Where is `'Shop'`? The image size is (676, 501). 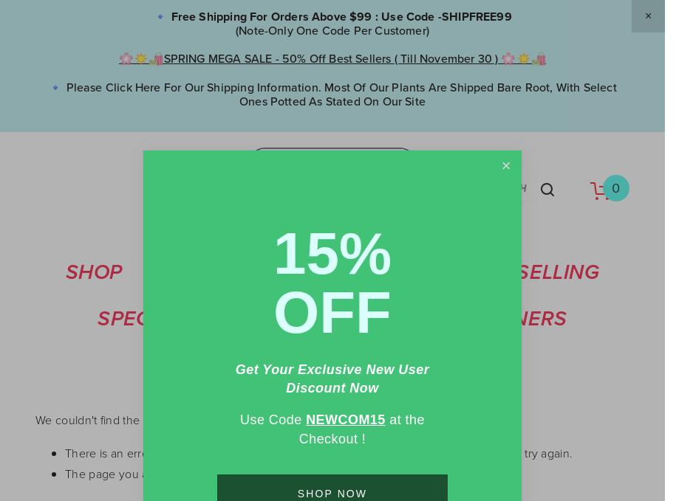
'Shop' is located at coordinates (64, 272).